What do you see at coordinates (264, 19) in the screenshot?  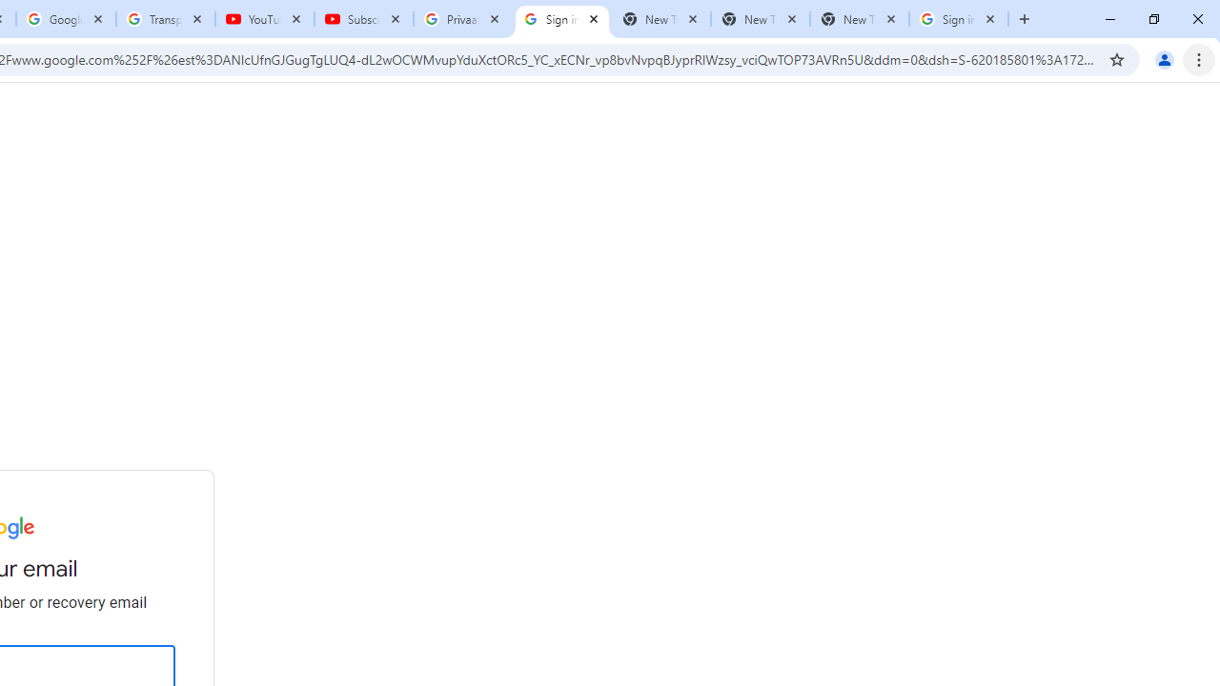 I see `'YouTube'` at bounding box center [264, 19].